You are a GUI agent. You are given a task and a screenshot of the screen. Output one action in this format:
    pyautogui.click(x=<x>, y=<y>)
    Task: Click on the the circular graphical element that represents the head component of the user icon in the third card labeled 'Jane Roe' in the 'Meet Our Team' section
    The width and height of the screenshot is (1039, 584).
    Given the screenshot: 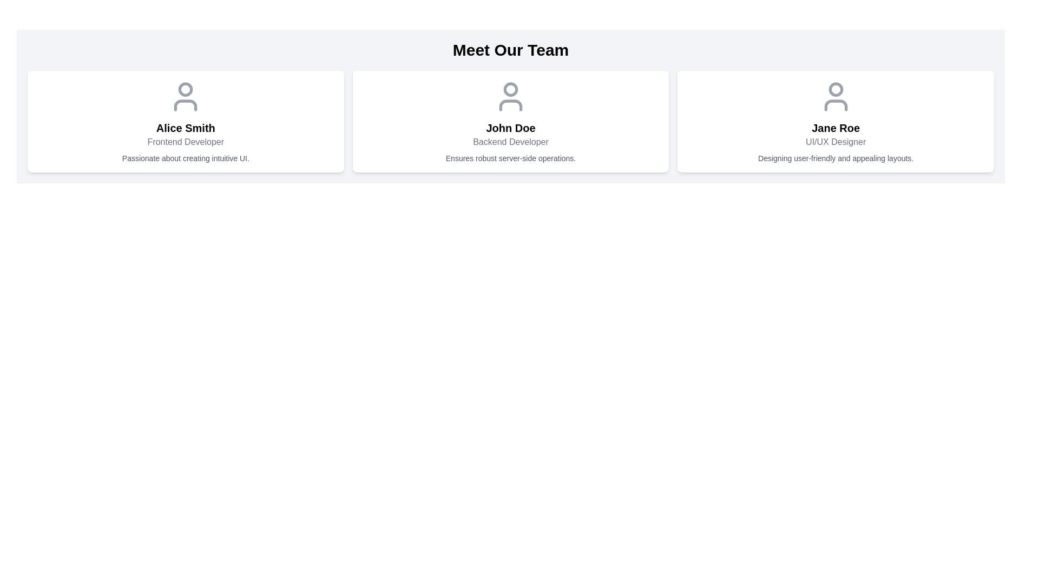 What is the action you would take?
    pyautogui.click(x=835, y=89)
    